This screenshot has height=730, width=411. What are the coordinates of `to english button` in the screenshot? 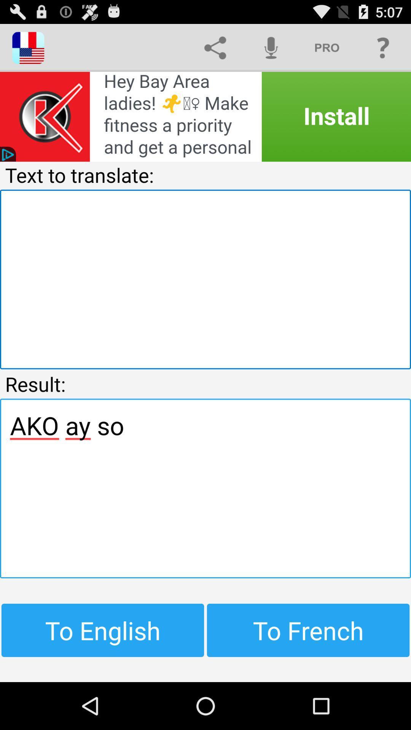 It's located at (103, 630).